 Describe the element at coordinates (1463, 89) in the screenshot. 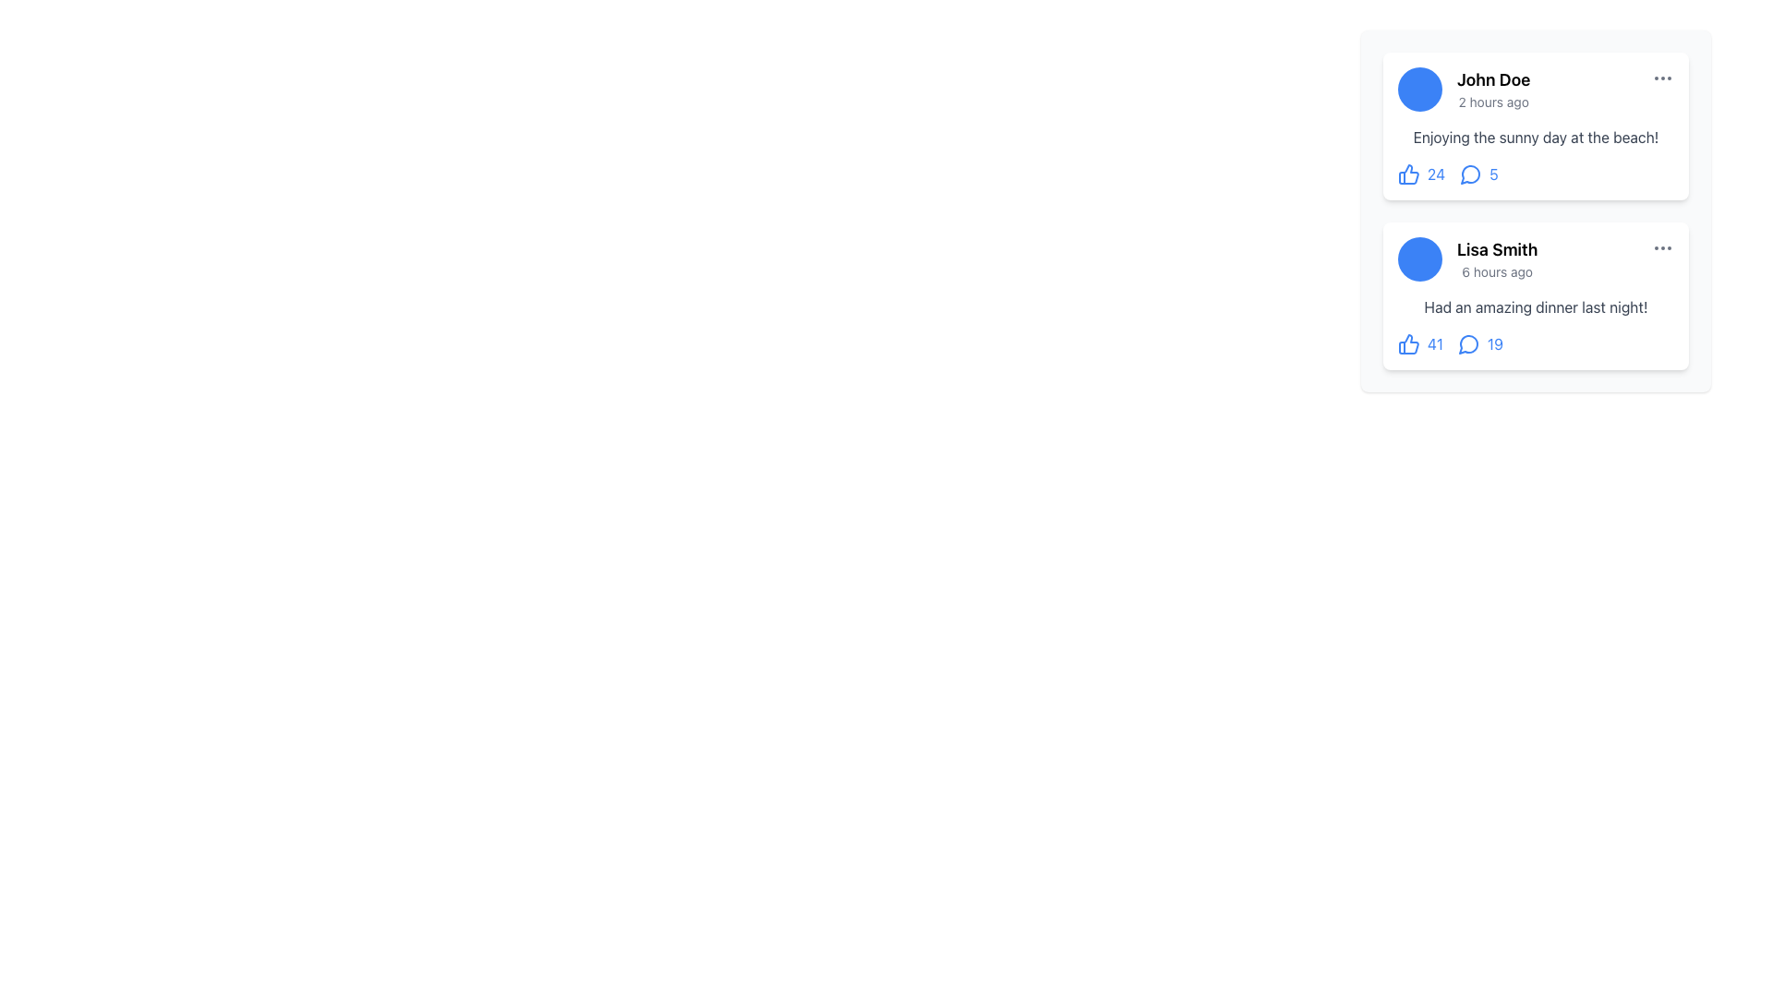

I see `user information block displaying the profile information, including the user's name and posting time, located at the top left corner of the card component` at that location.